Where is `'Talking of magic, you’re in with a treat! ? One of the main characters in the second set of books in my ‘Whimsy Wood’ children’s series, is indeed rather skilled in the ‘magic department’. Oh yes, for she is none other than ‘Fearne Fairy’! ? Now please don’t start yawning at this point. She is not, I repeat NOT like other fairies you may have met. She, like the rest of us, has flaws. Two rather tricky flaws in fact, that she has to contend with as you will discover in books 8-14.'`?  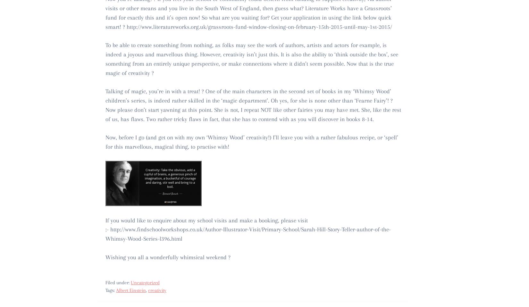
'Talking of magic, you’re in with a treat! ? One of the main characters in the second set of books in my ‘Whimsy Wood’ children’s series, is indeed rather skilled in the ‘magic department’. Oh yes, for she is none other than ‘Fearne Fairy’! ? Now please don’t start yawning at this point. She is not, I repeat NOT like other fairies you may have met. She, like the rest of us, has flaws. Two rather tricky flaws in fact, that she has to contend with as you will discover in books 8-14.' is located at coordinates (253, 104).